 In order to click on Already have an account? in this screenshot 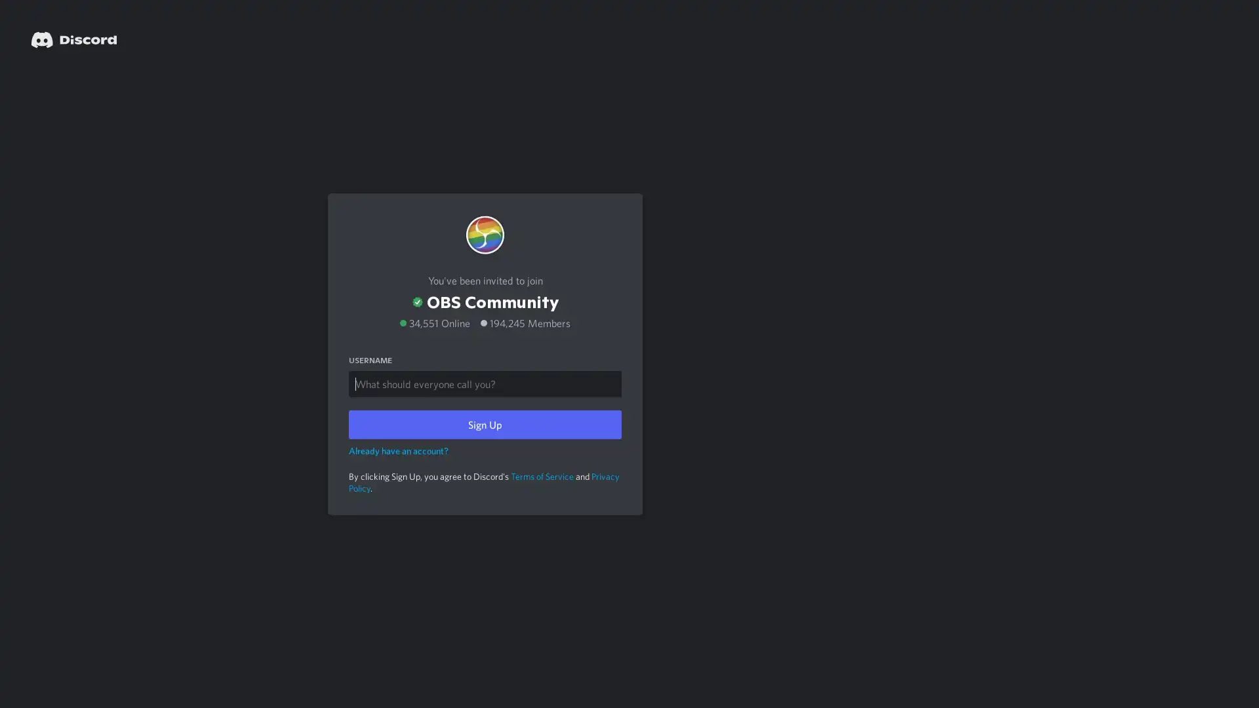, I will do `click(398, 449)`.